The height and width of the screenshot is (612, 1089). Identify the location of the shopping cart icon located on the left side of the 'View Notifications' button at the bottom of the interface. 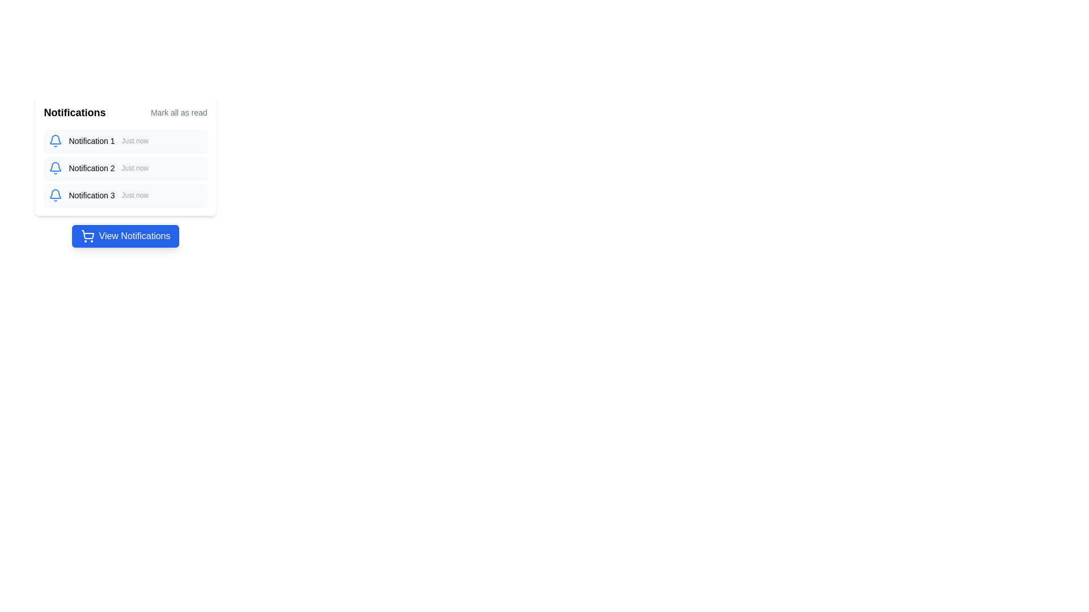
(87, 234).